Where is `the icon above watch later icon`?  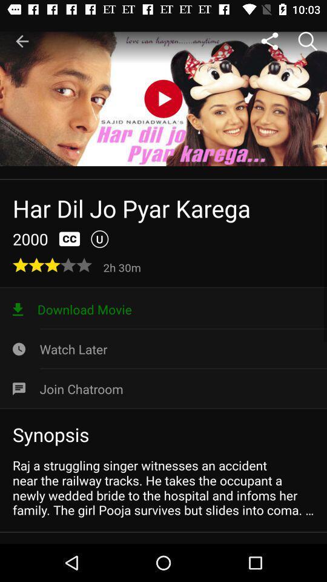
the icon above watch later icon is located at coordinates (163, 309).